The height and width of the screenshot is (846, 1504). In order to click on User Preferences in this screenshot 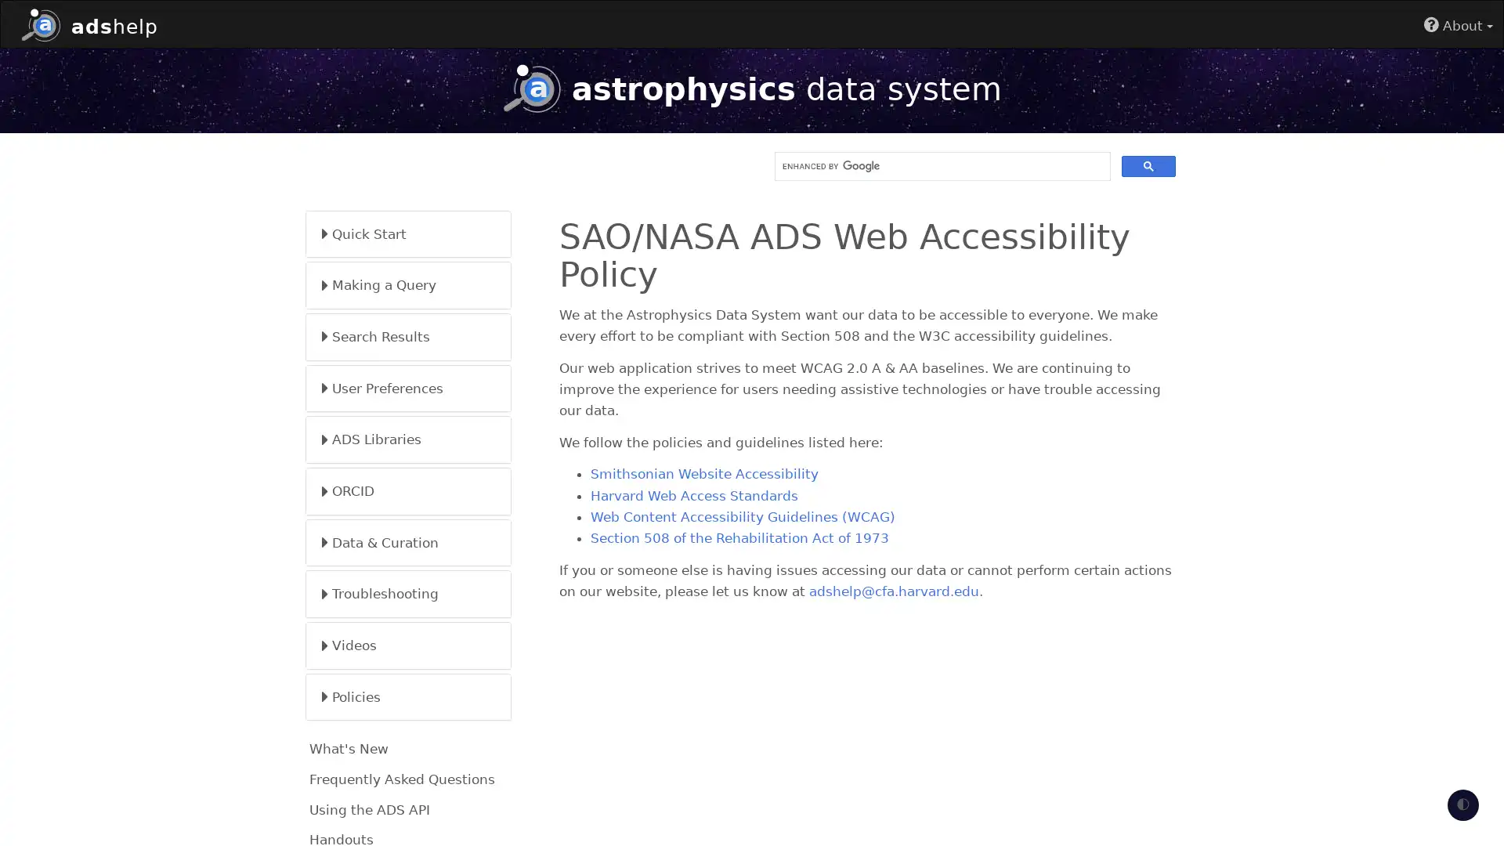, I will do `click(408, 388)`.